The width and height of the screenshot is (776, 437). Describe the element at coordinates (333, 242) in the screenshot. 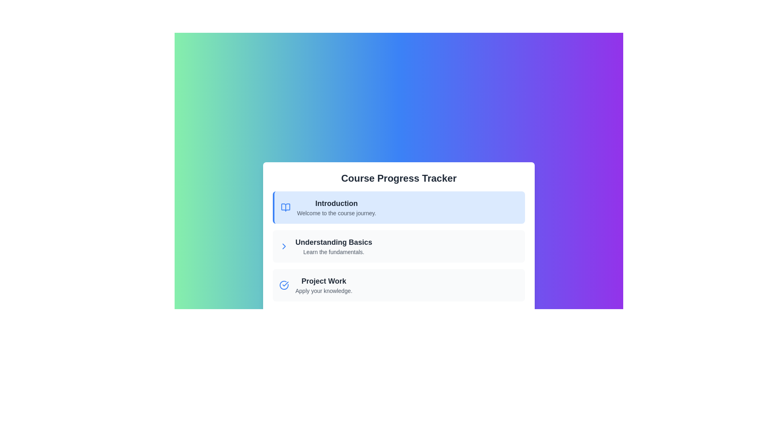

I see `the title text label for the 'Understanding Basics' section, which is the top bold text in the second section of the 'Course Progress Tracker'` at that location.